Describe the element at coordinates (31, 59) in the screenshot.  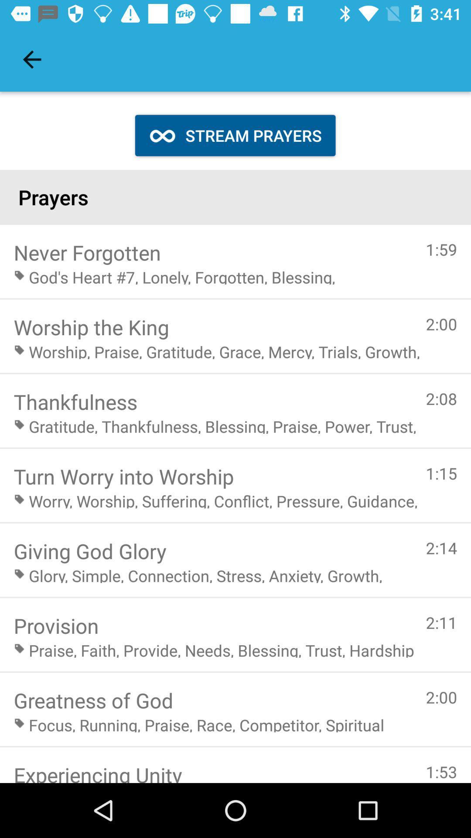
I see `the icon above prayers` at that location.